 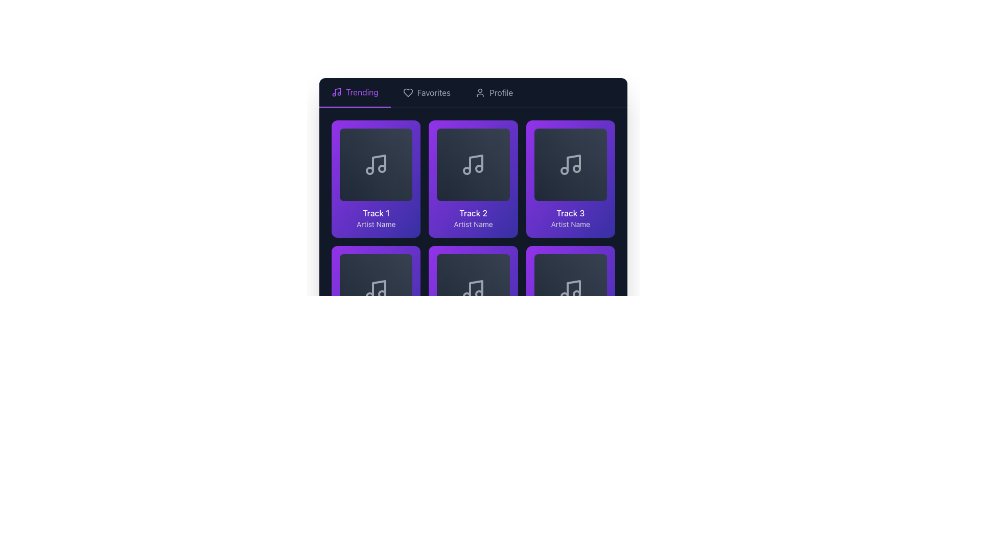 I want to click on the 'Favorites' icon located in the top navigation bar, positioned between the 'Trending' and 'Profile' options, so click(x=407, y=92).